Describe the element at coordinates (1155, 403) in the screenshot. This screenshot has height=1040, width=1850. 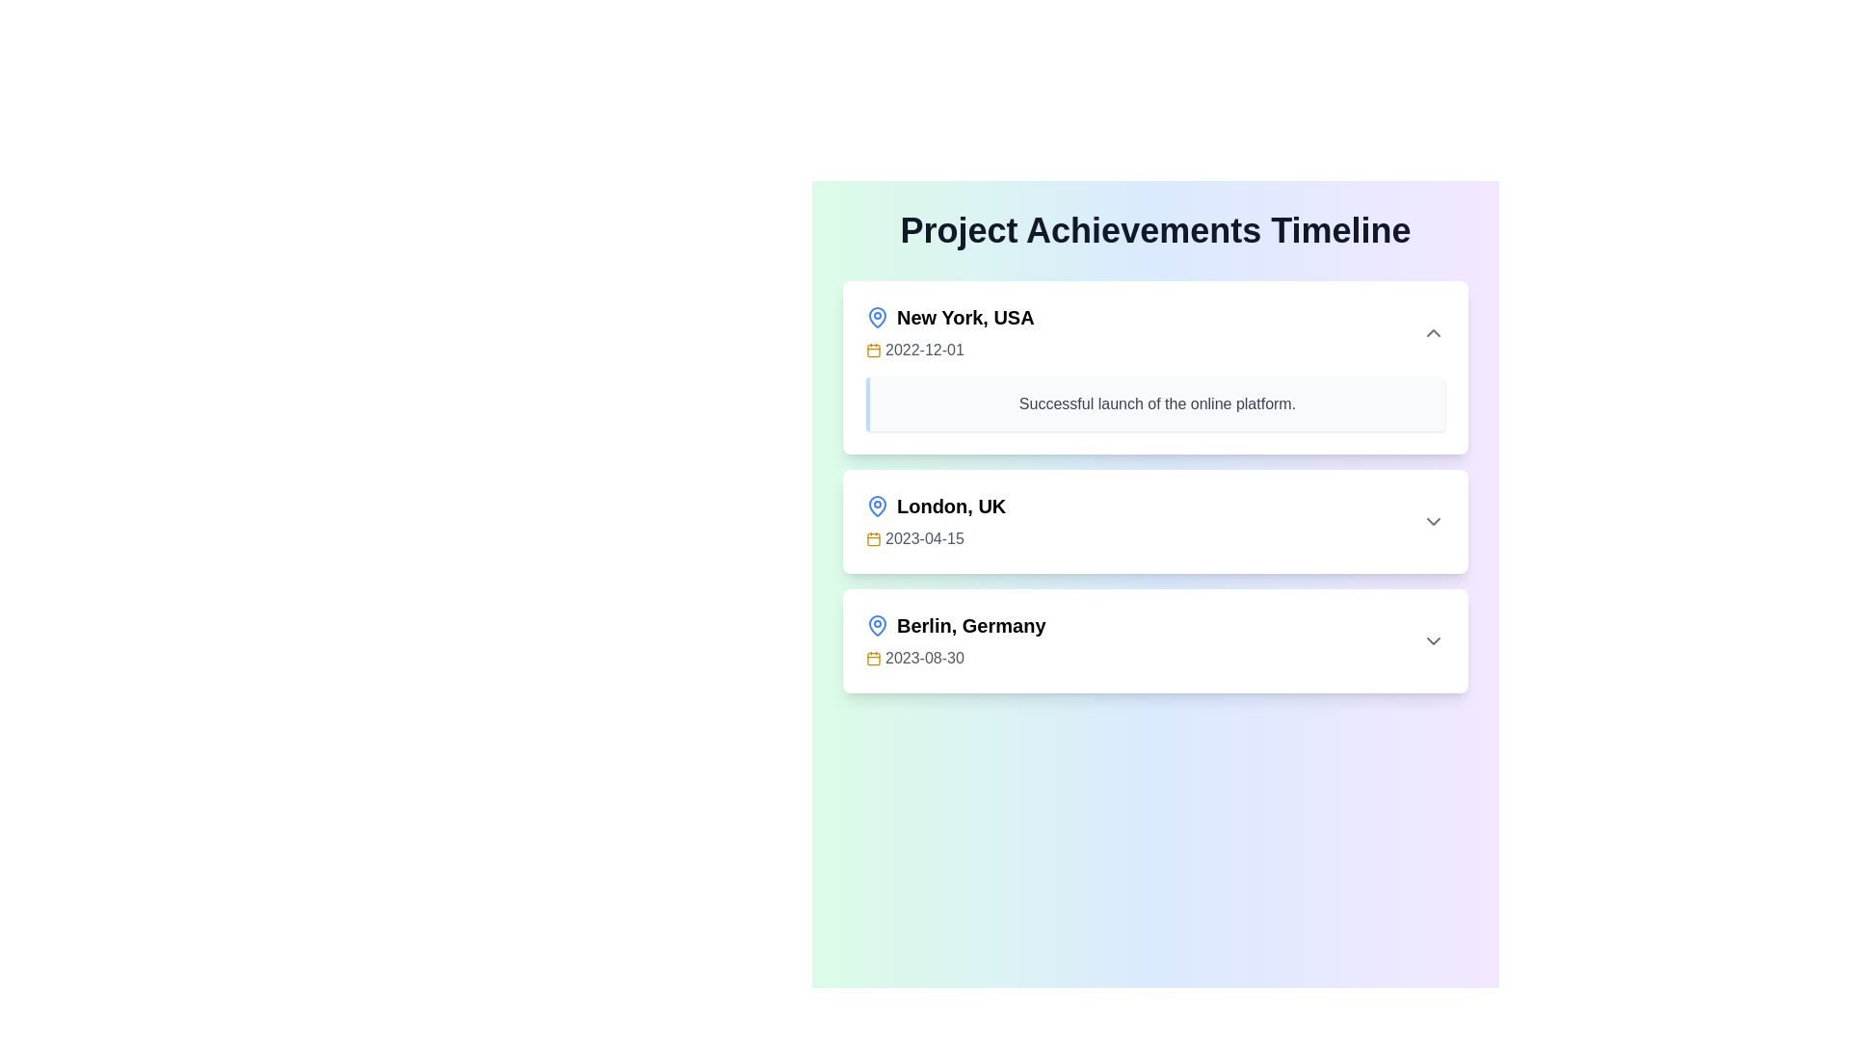
I see `the Text Display Box displaying the message 'Successful launch of the online platform.' located in the 'New York, USA' section of the timeline interface` at that location.